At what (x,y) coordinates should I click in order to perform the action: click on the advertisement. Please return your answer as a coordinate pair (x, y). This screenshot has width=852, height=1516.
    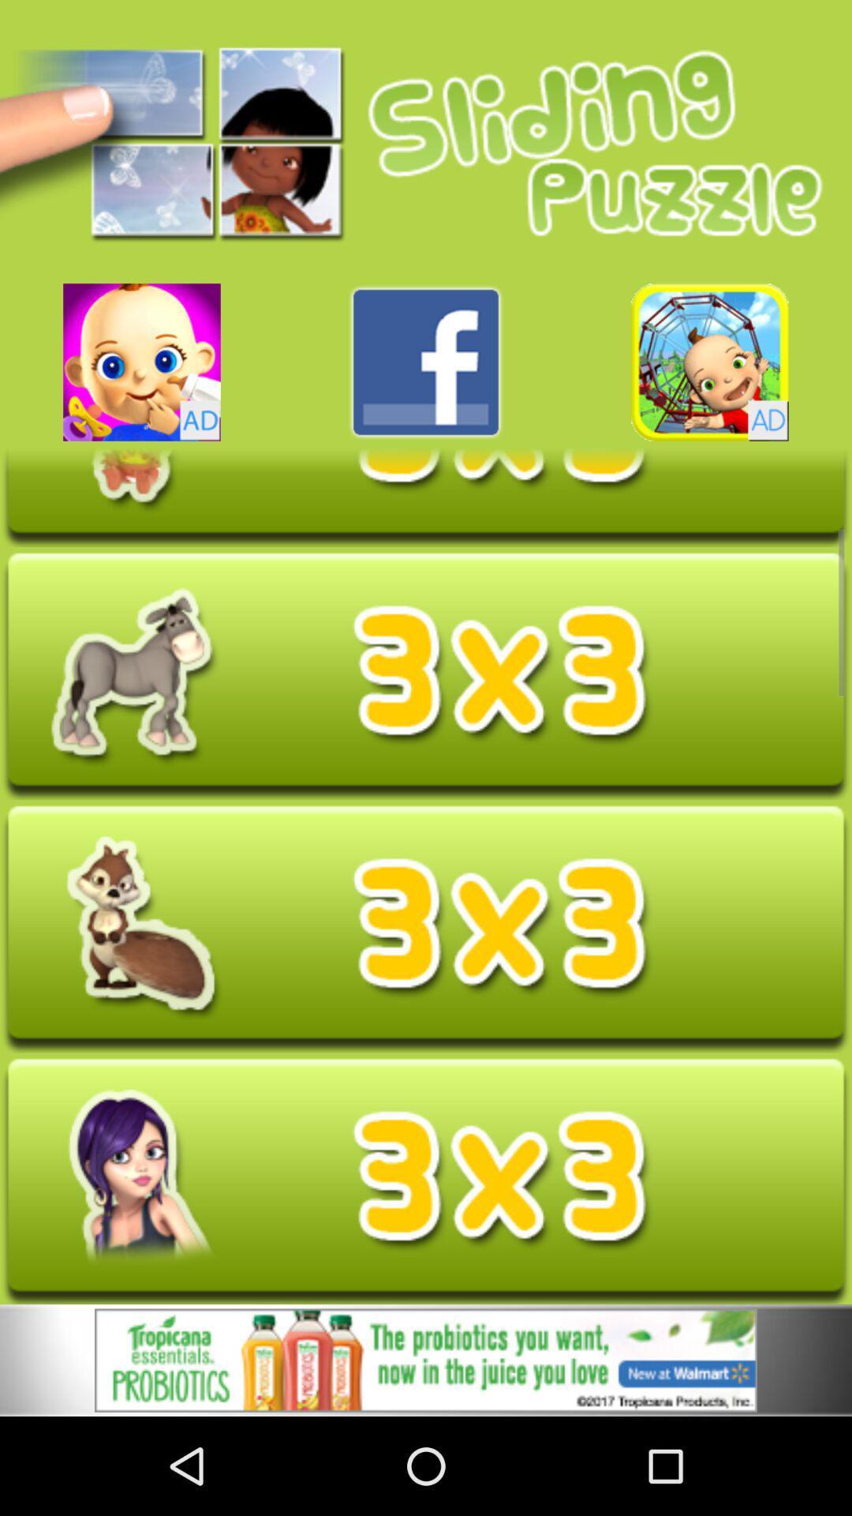
    Looking at the image, I should click on (426, 1362).